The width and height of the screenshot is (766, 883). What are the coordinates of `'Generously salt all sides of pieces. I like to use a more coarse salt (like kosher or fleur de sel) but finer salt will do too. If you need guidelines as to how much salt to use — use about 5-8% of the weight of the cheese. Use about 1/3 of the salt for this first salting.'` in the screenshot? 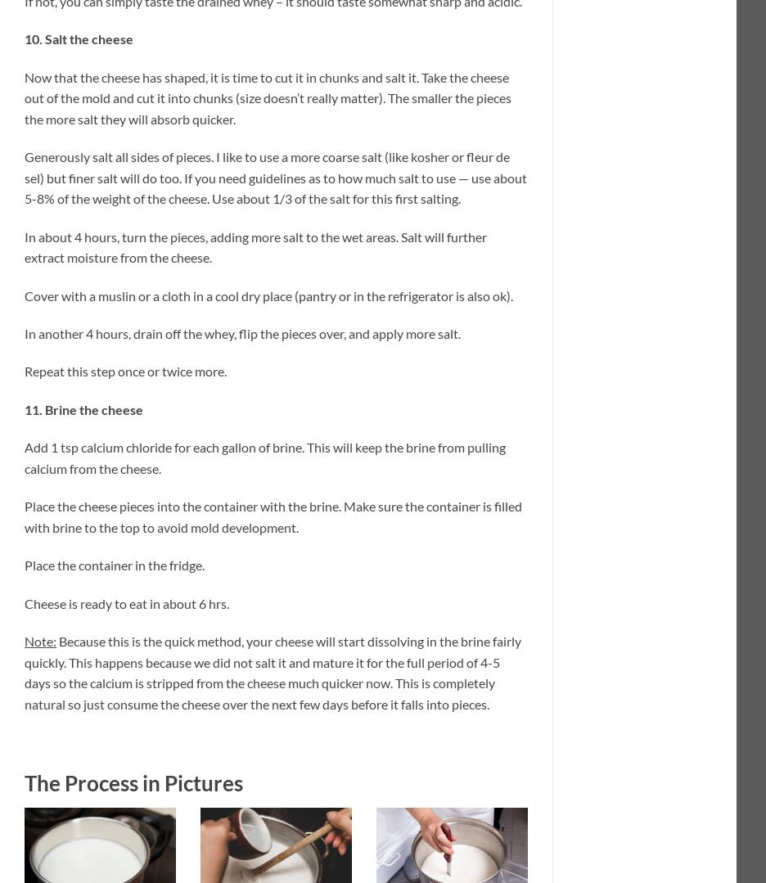 It's located at (274, 176).